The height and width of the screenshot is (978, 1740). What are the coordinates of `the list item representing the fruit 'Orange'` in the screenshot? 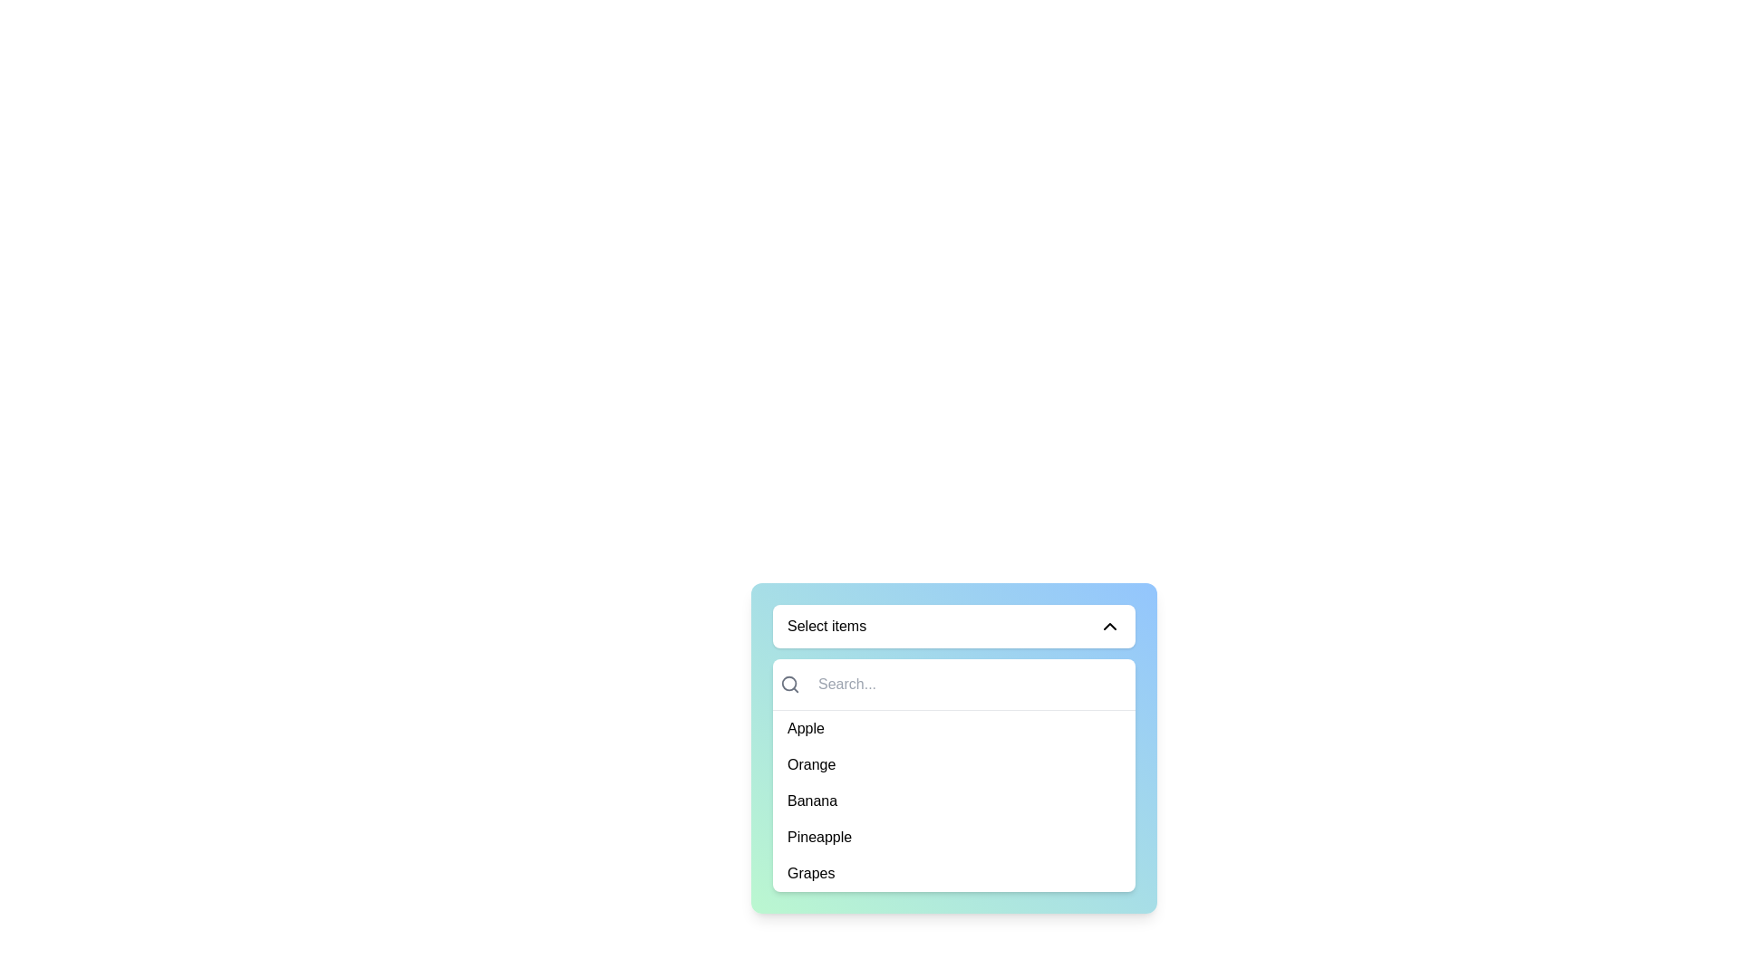 It's located at (952, 764).